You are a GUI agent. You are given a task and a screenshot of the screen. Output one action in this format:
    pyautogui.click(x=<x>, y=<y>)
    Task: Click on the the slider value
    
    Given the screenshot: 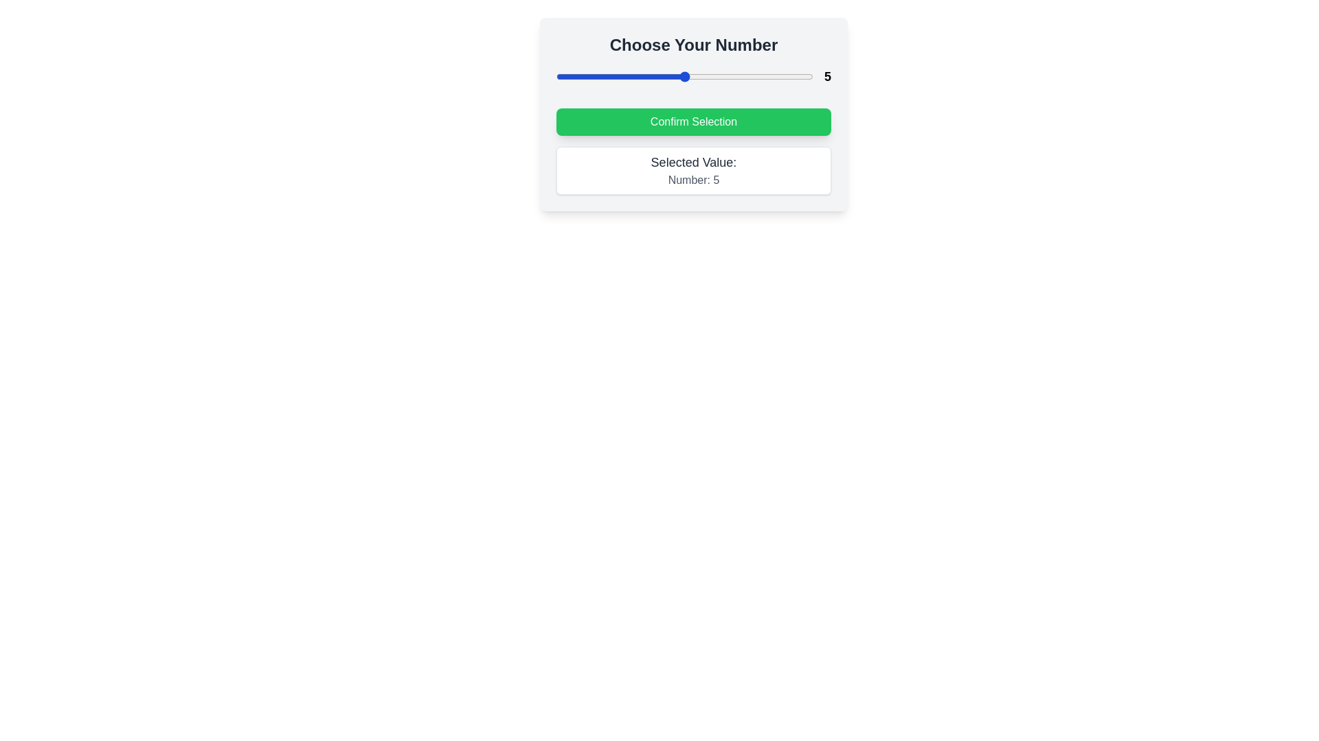 What is the action you would take?
    pyautogui.click(x=761, y=76)
    